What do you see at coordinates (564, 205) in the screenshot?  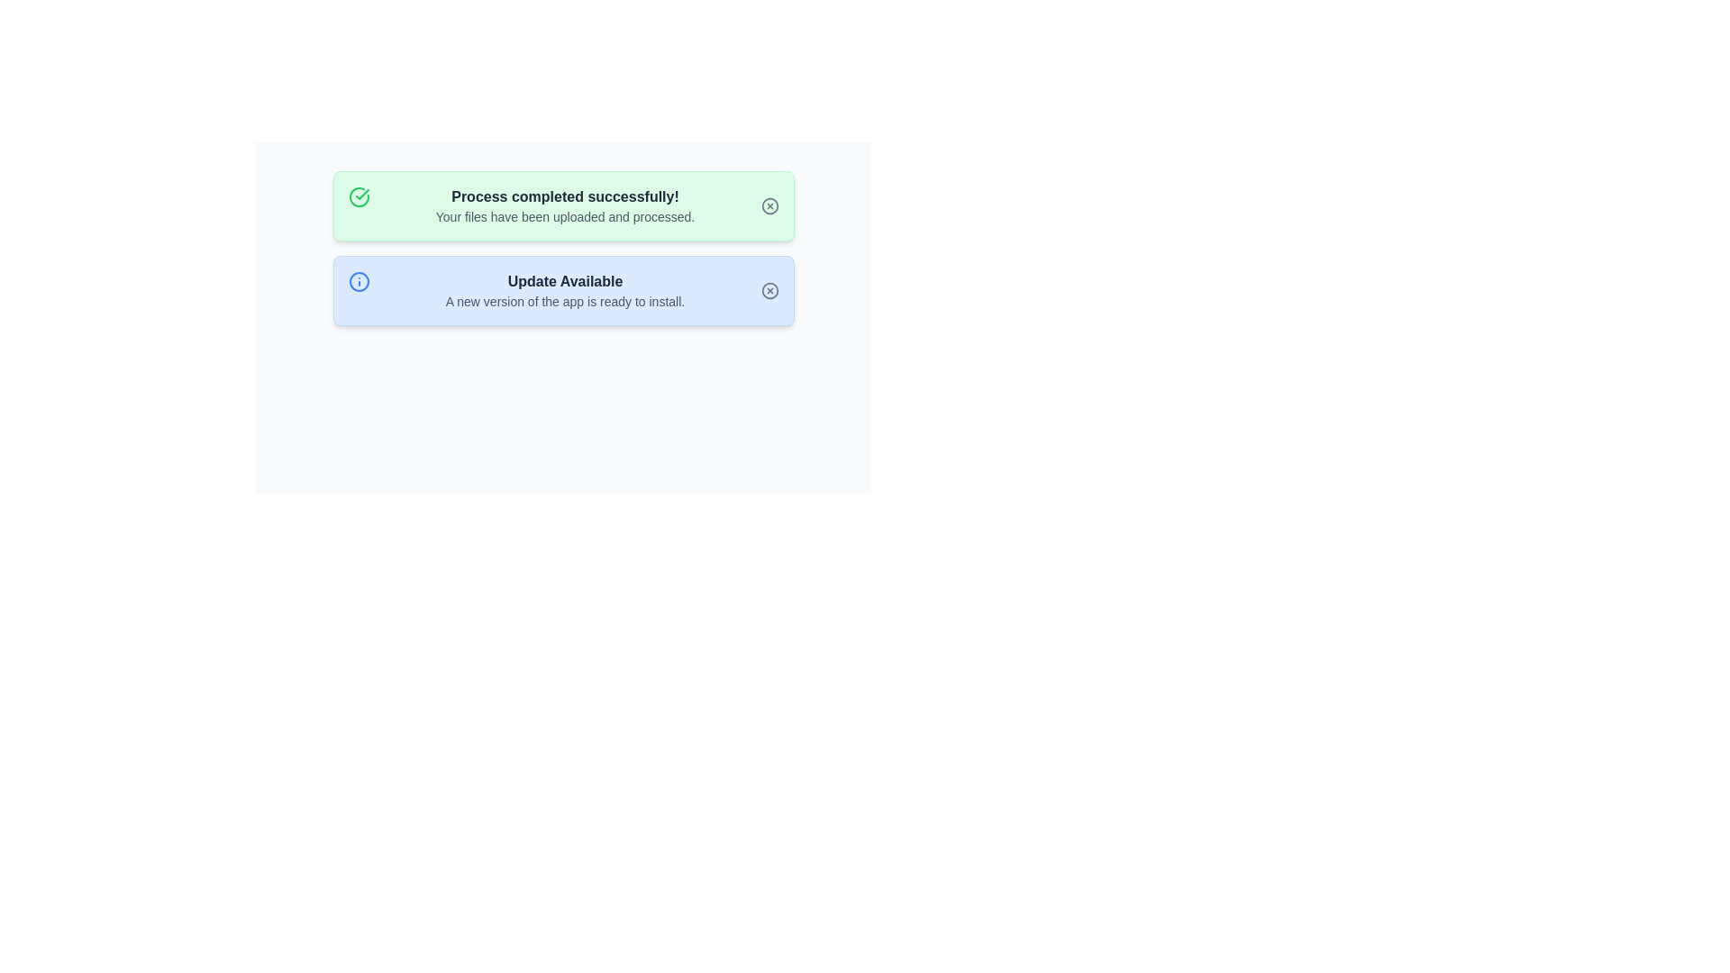 I see `success message displayed in the green notification box that states 'Process completed successfully! Your files have been uploaded and processed.'` at bounding box center [564, 205].